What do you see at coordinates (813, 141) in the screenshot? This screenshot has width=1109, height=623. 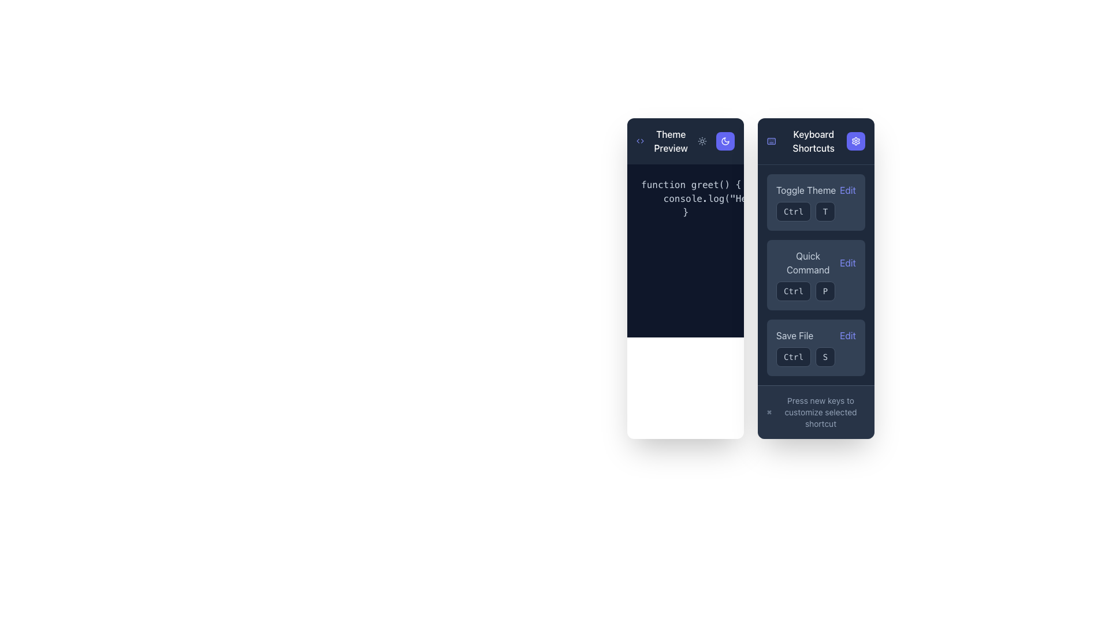 I see `the text label indicating keyboard shortcuts located in the top section of the third column, under the settings icon title bar` at bounding box center [813, 141].